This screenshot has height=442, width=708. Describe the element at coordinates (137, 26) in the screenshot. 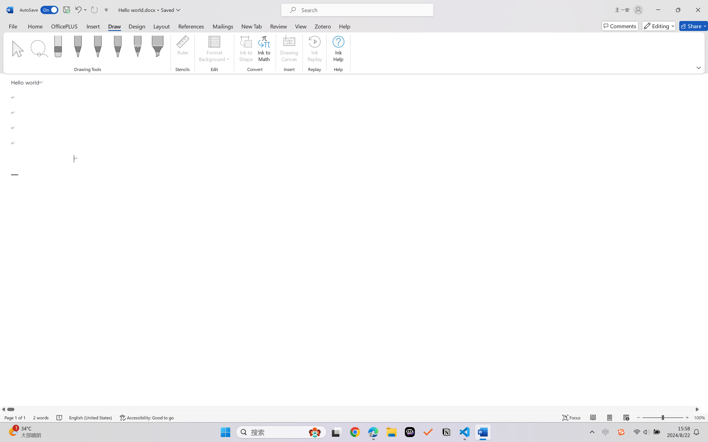

I see `'Design'` at that location.